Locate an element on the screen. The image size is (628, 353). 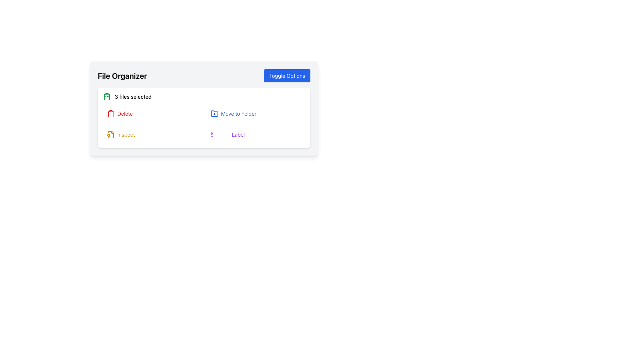
the 'Inspect' icon, which is located immediately to the left of the 'Inspect' text in the button group for inspecting files in the lower left corner of the interface is located at coordinates (111, 134).